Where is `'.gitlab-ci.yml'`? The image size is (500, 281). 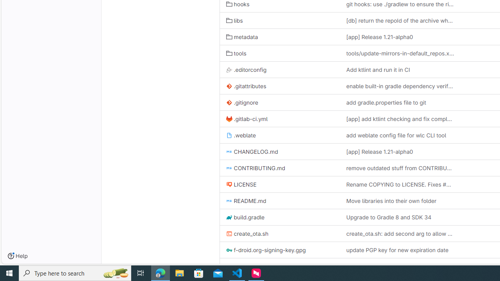
'.gitlab-ci.yml' is located at coordinates (246, 119).